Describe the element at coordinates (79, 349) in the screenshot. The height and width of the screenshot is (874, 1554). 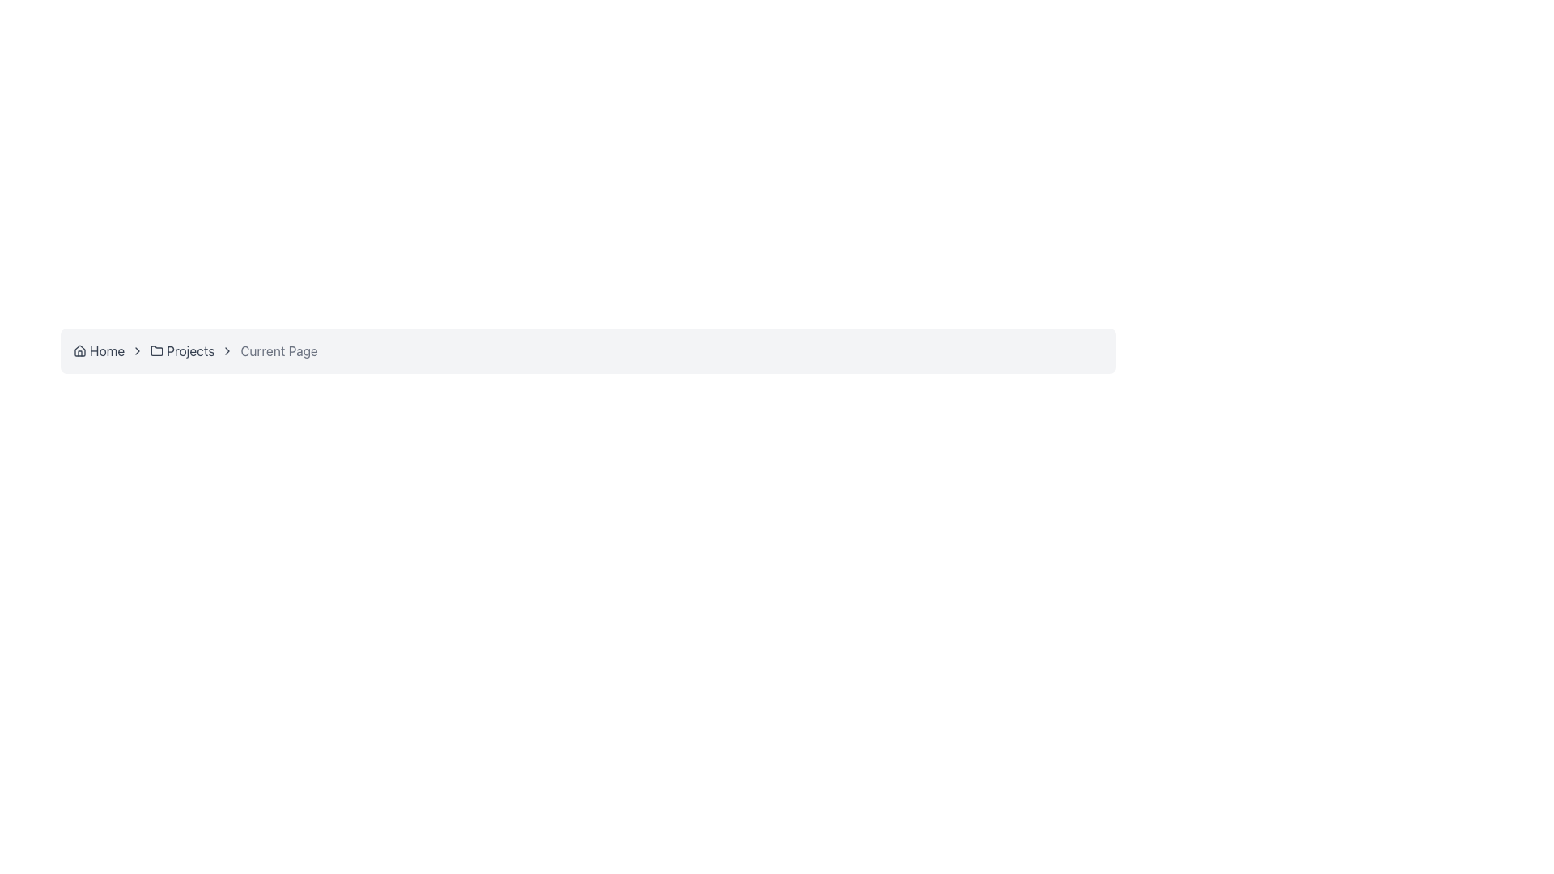
I see `the upper part of the house icon in the 'Home' breadcrumb for quick navigation back to the main page` at that location.